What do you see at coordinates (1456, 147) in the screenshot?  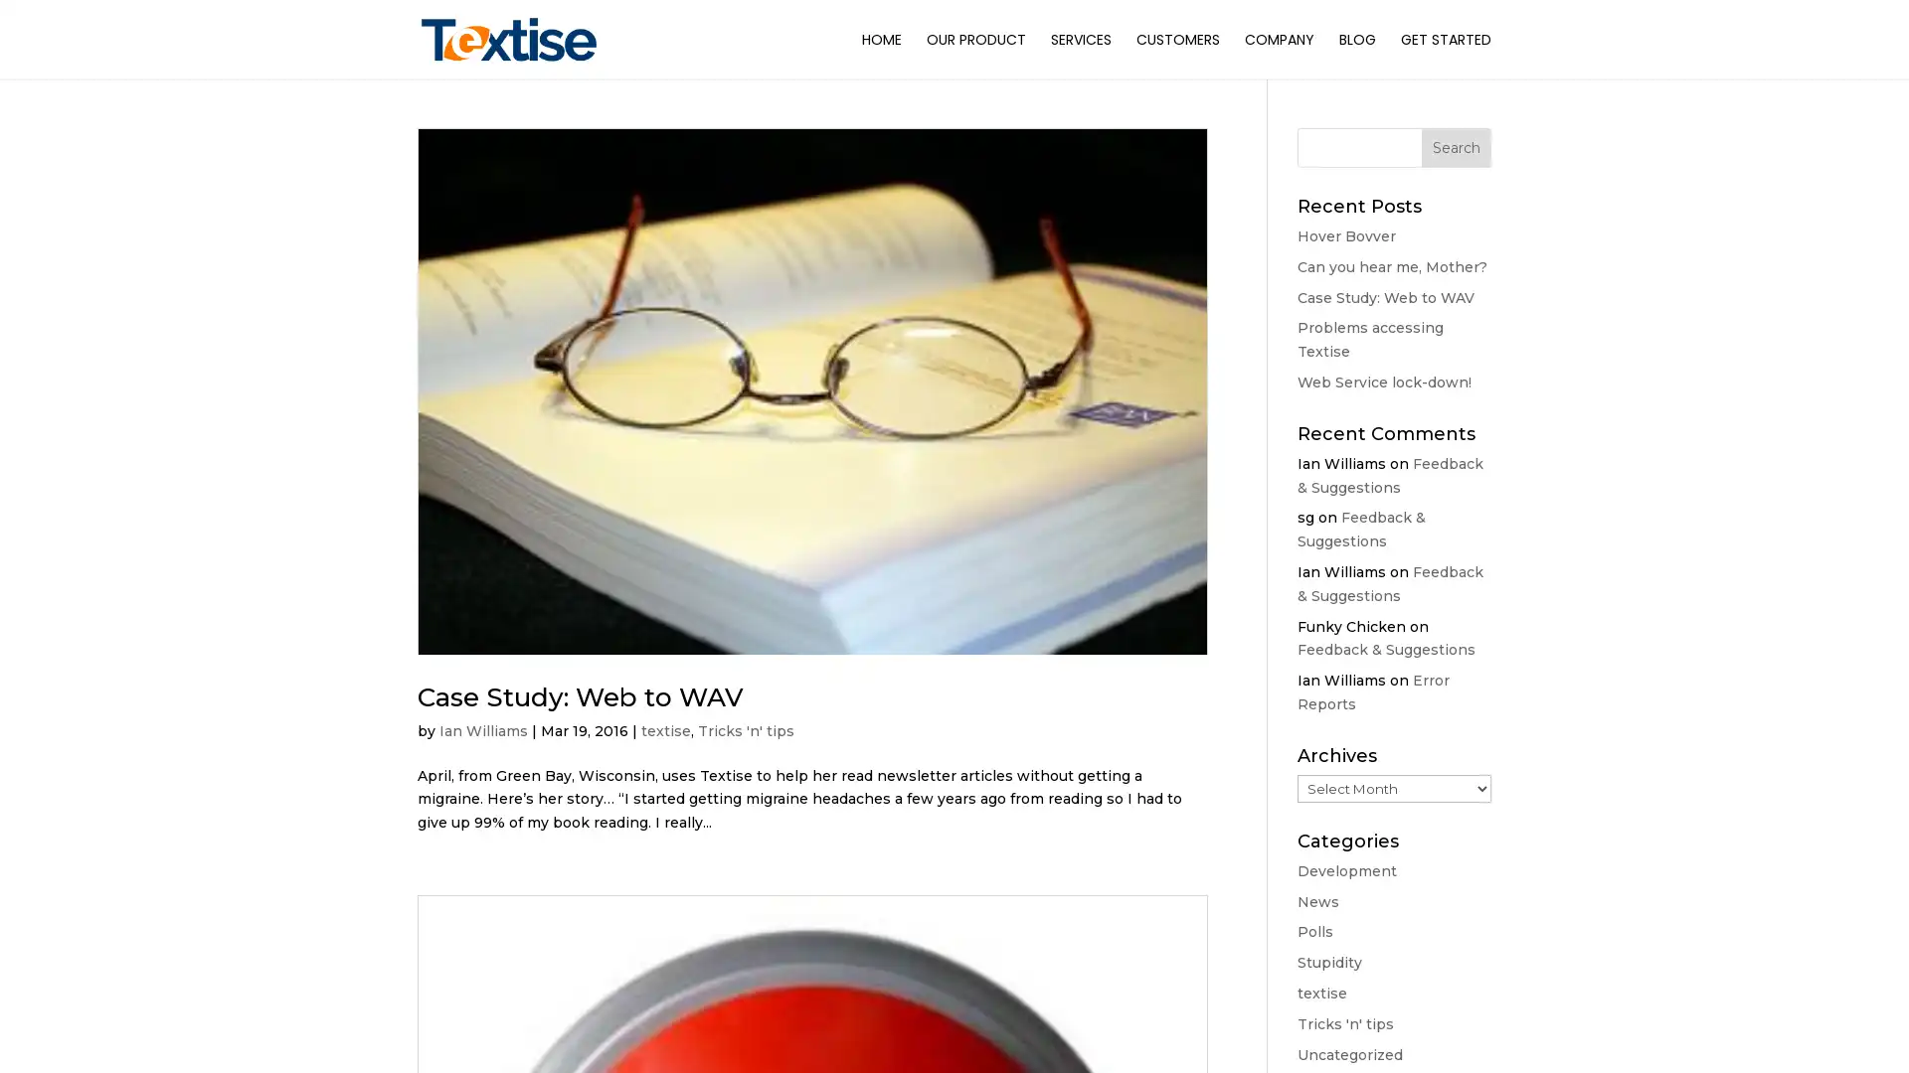 I see `Search` at bounding box center [1456, 147].